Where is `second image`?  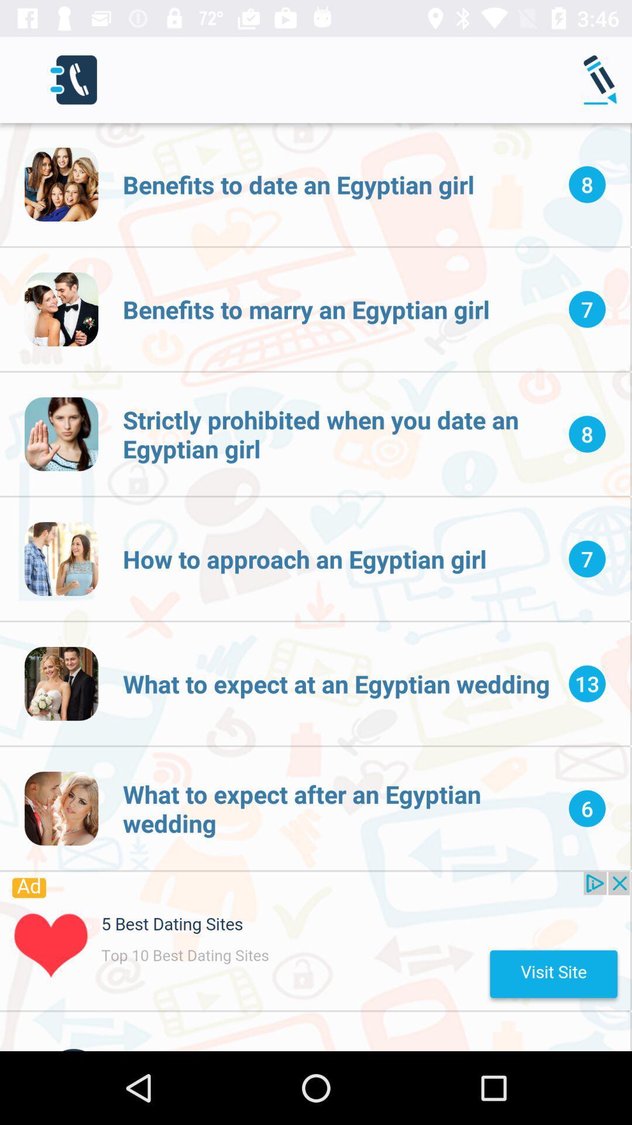
second image is located at coordinates (61, 309).